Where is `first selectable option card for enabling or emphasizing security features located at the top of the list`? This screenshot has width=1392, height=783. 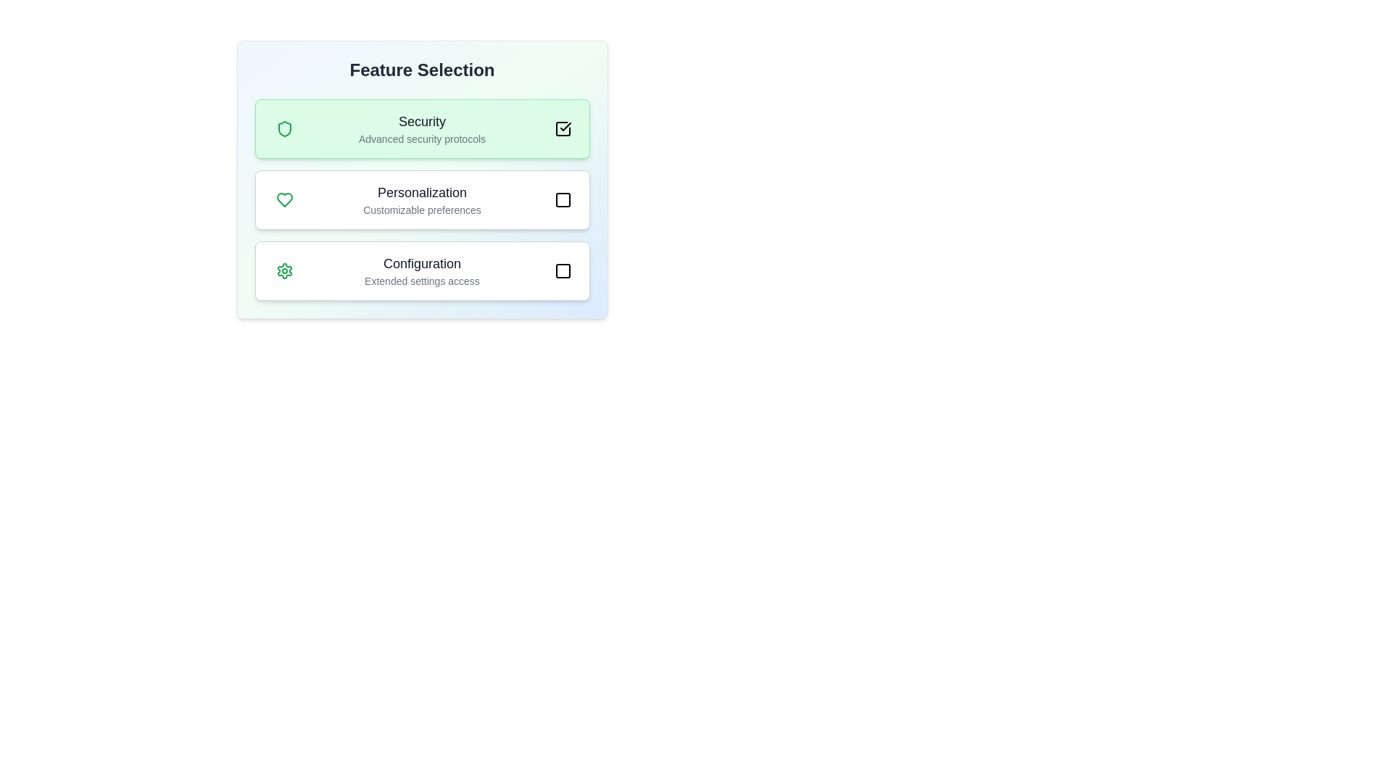
first selectable option card for enabling or emphasizing security features located at the top of the list is located at coordinates (421, 128).